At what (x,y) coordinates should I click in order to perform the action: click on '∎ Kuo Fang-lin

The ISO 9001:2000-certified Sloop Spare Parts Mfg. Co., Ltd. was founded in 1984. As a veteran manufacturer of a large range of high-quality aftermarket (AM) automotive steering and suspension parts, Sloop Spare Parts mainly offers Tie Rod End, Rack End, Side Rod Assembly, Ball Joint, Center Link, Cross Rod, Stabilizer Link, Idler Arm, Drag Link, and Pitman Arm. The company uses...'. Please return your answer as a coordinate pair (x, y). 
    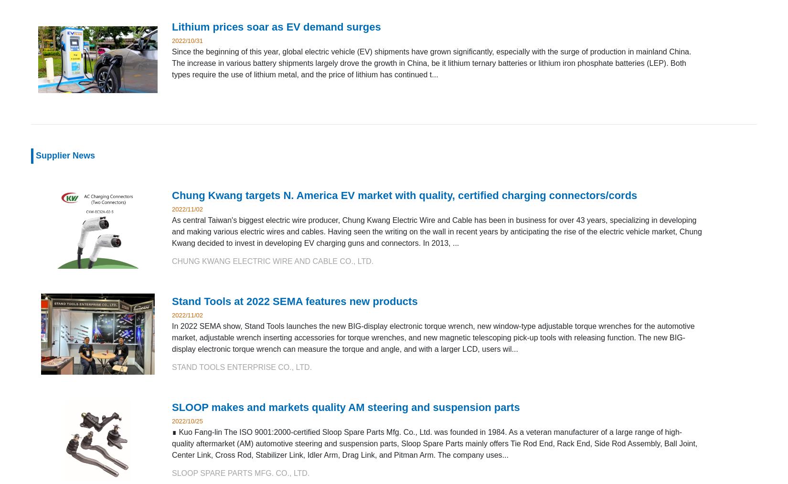
    Looking at the image, I should click on (434, 442).